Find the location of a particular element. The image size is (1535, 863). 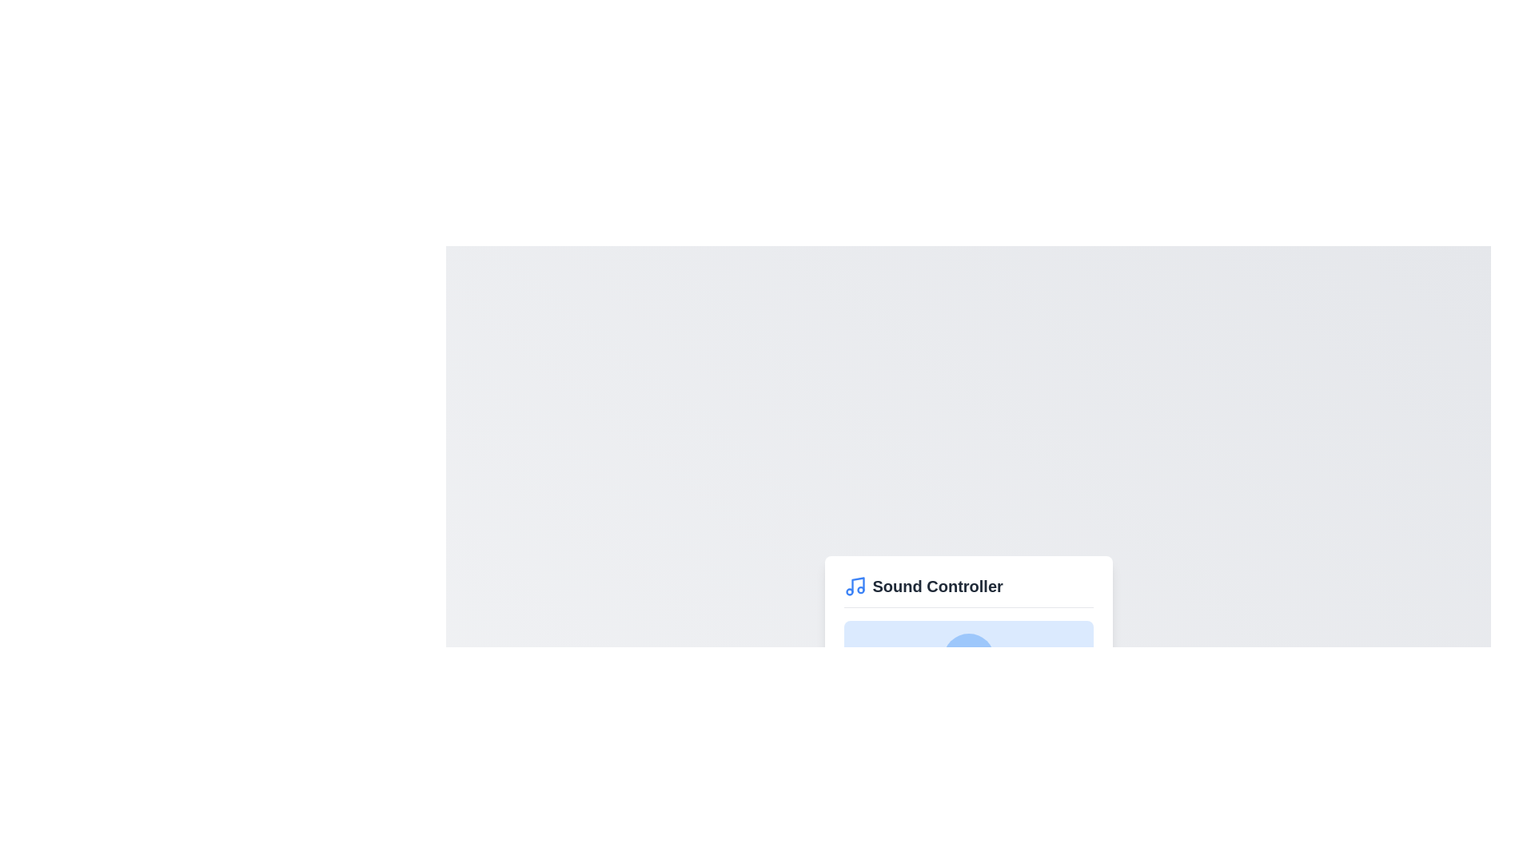

the volume to 3% by interacting with the slider is located at coordinates (850, 716).